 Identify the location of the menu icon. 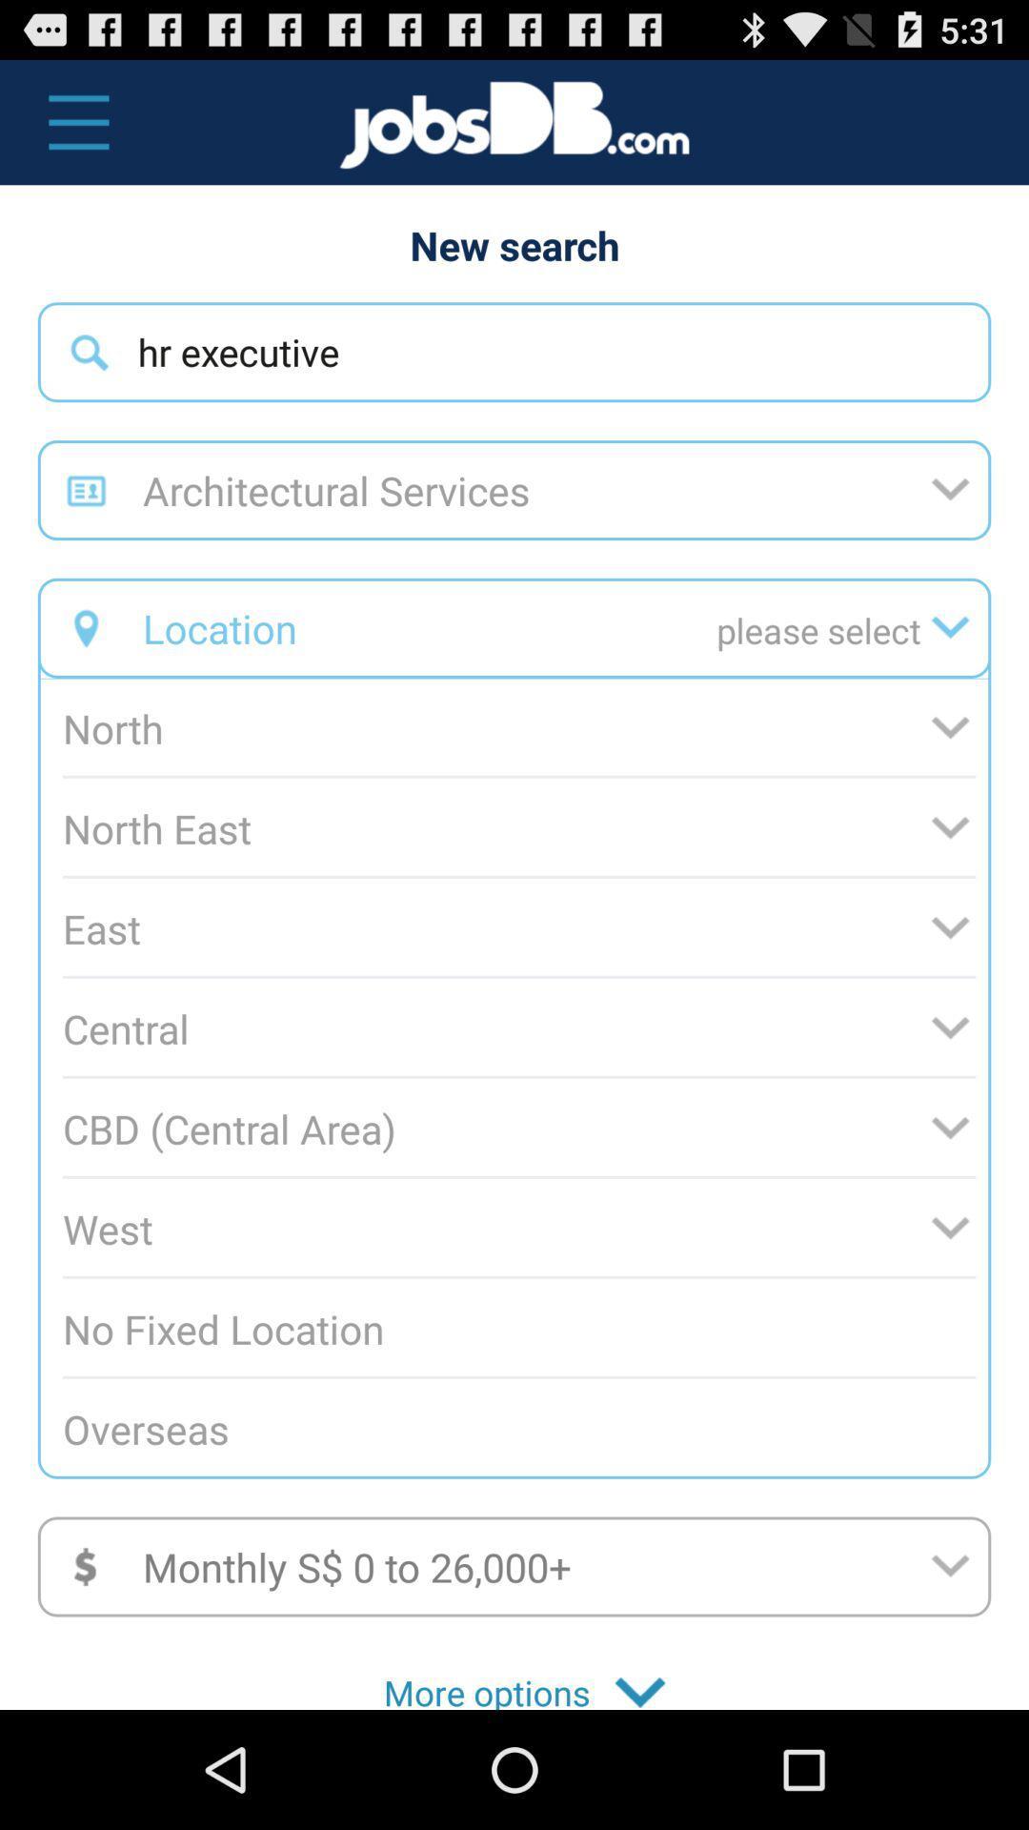
(68, 131).